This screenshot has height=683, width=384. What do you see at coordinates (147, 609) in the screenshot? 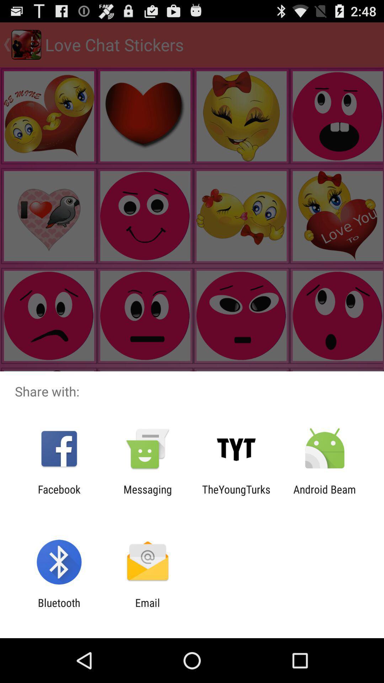
I see `the item to the right of the bluetooth app` at bounding box center [147, 609].